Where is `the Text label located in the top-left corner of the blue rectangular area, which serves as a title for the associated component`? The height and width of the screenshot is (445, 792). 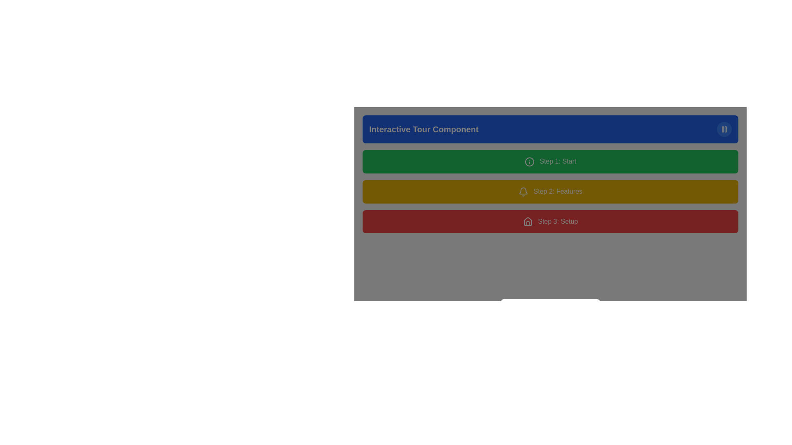
the Text label located in the top-left corner of the blue rectangular area, which serves as a title for the associated component is located at coordinates (424, 129).